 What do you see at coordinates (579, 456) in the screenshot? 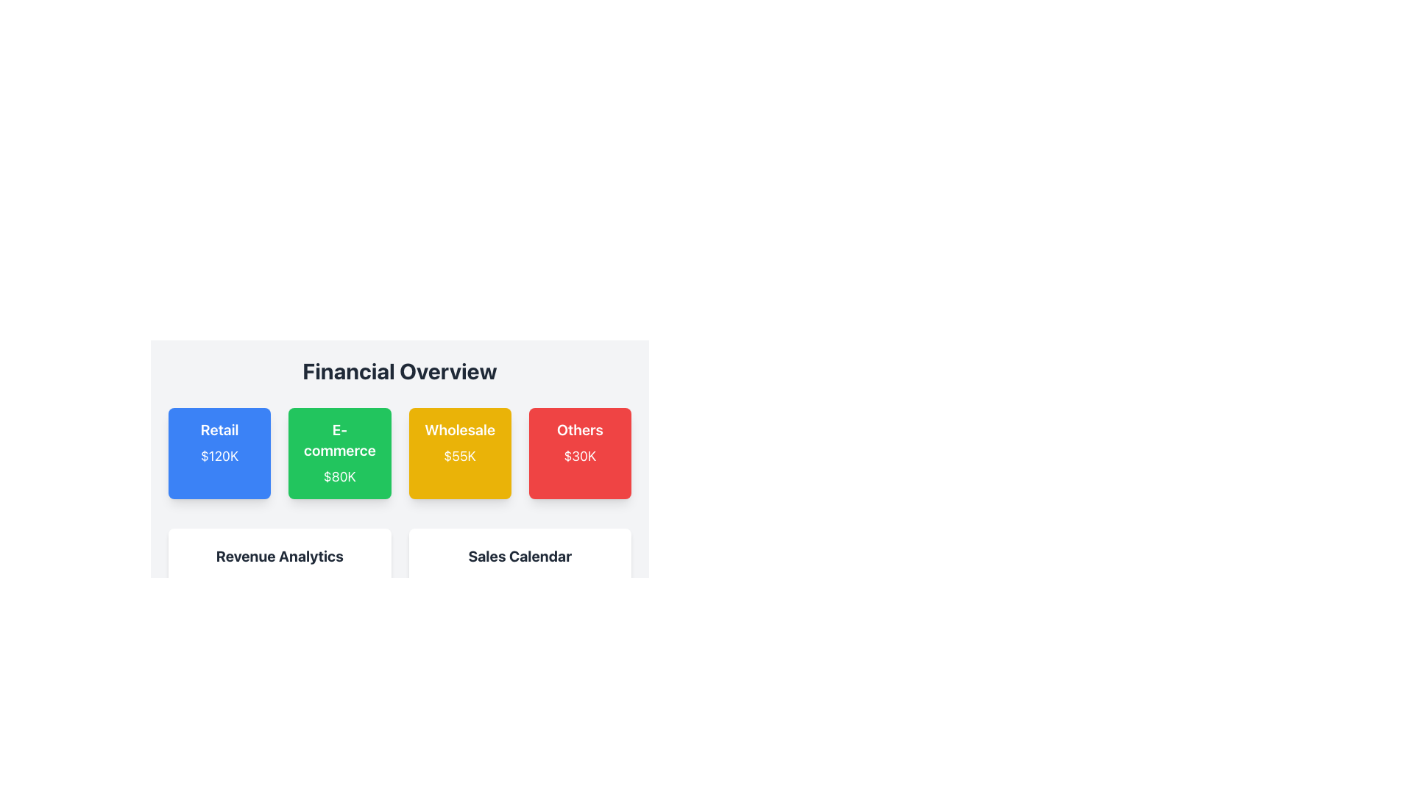
I see `the text label displaying '$30K' with a bold font on a red background, located at the bottom of the 'Others' card` at bounding box center [579, 456].